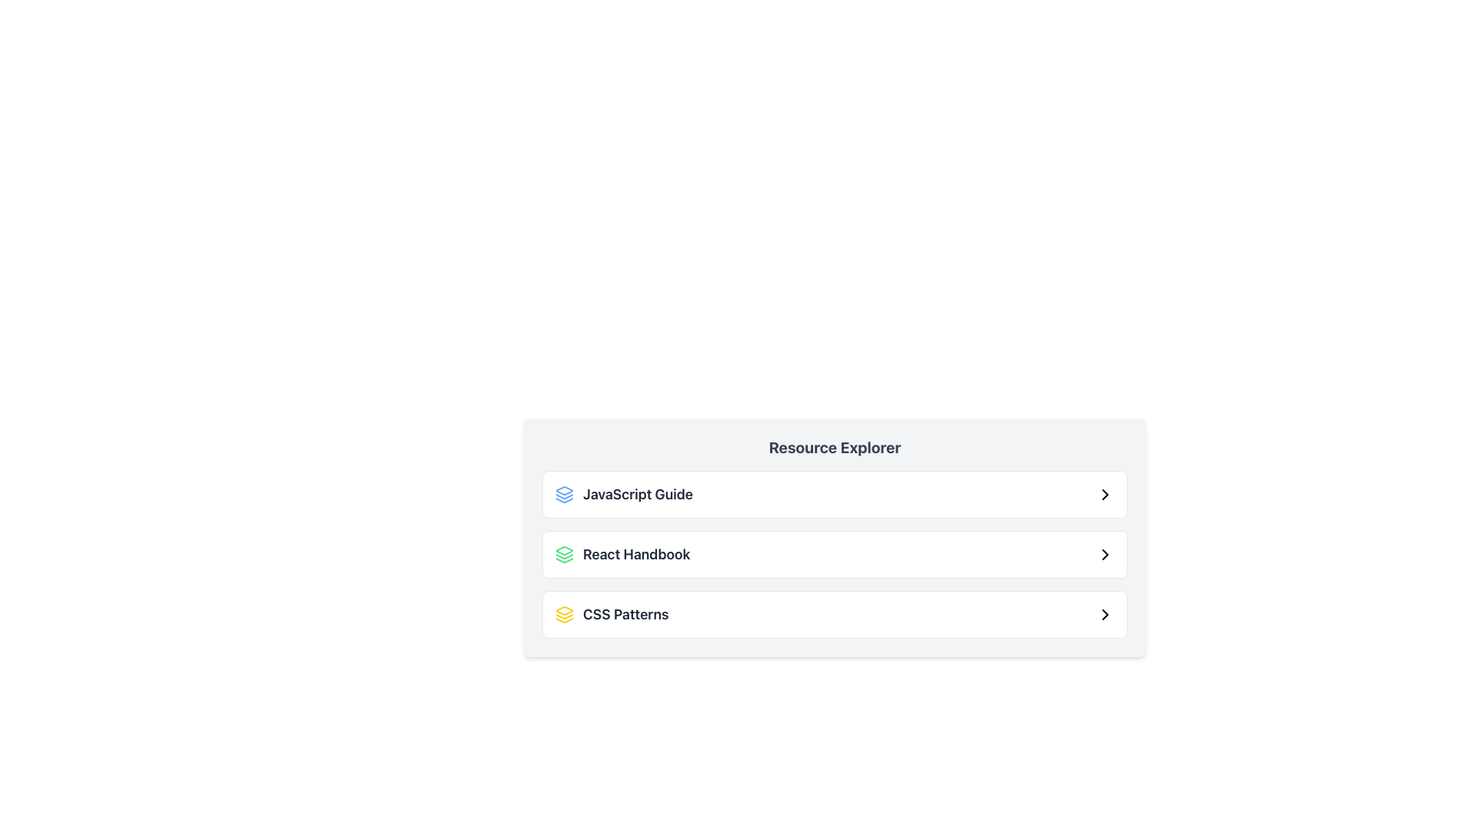 Image resolution: width=1477 pixels, height=831 pixels. What do you see at coordinates (564, 490) in the screenshot?
I see `the uppermost icon in the blue-themed resource explorer interface that resembles a layered structure, which is part of a vertical stack of three icons` at bounding box center [564, 490].